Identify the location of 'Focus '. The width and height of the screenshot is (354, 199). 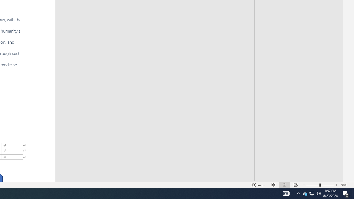
(258, 185).